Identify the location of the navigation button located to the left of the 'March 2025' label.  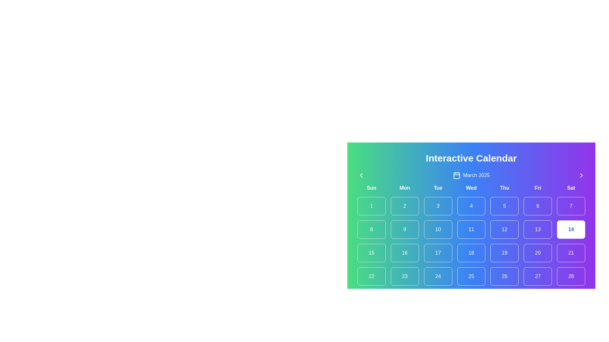
(361, 175).